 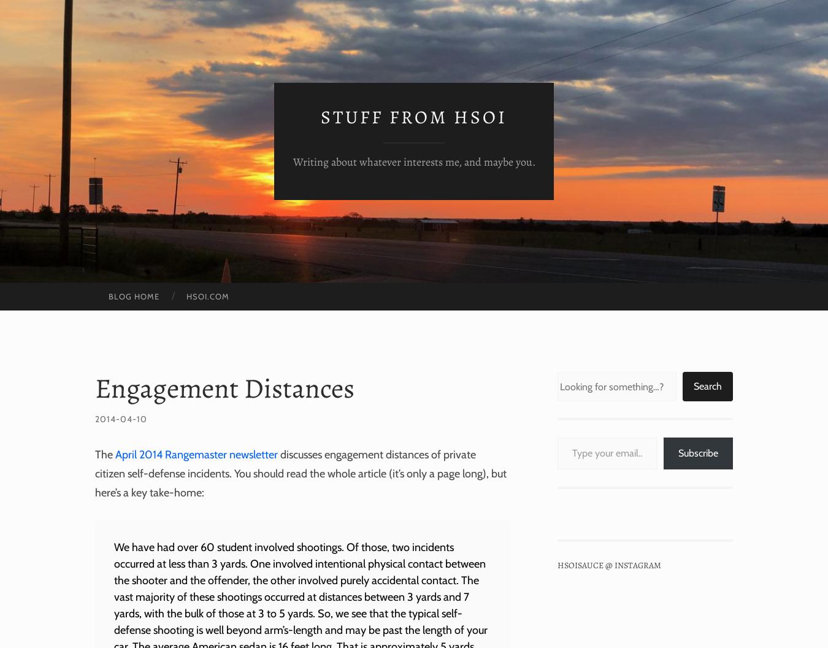 What do you see at coordinates (707, 385) in the screenshot?
I see `'Search'` at bounding box center [707, 385].